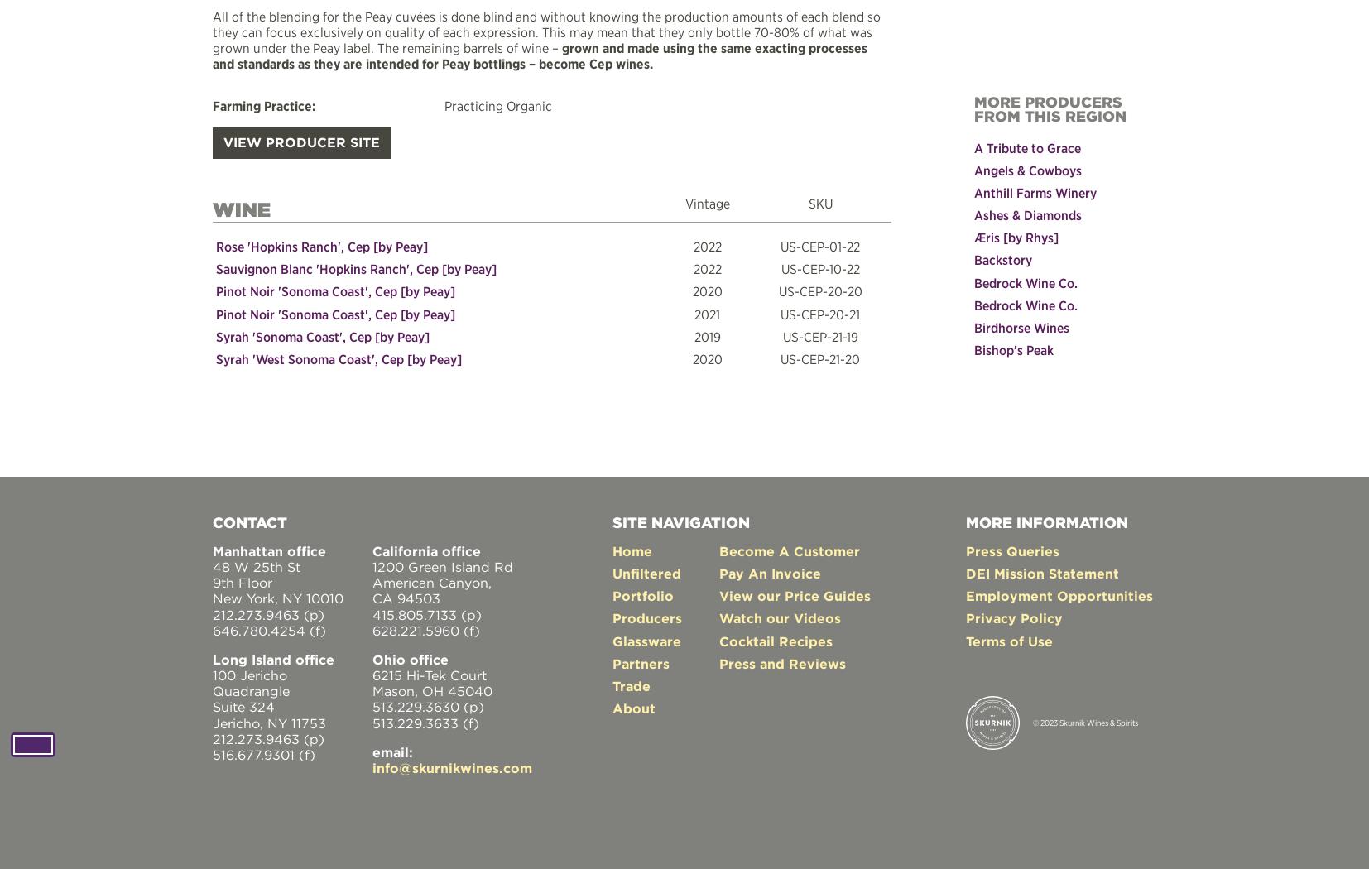  I want to click on '2021', so click(706, 314).